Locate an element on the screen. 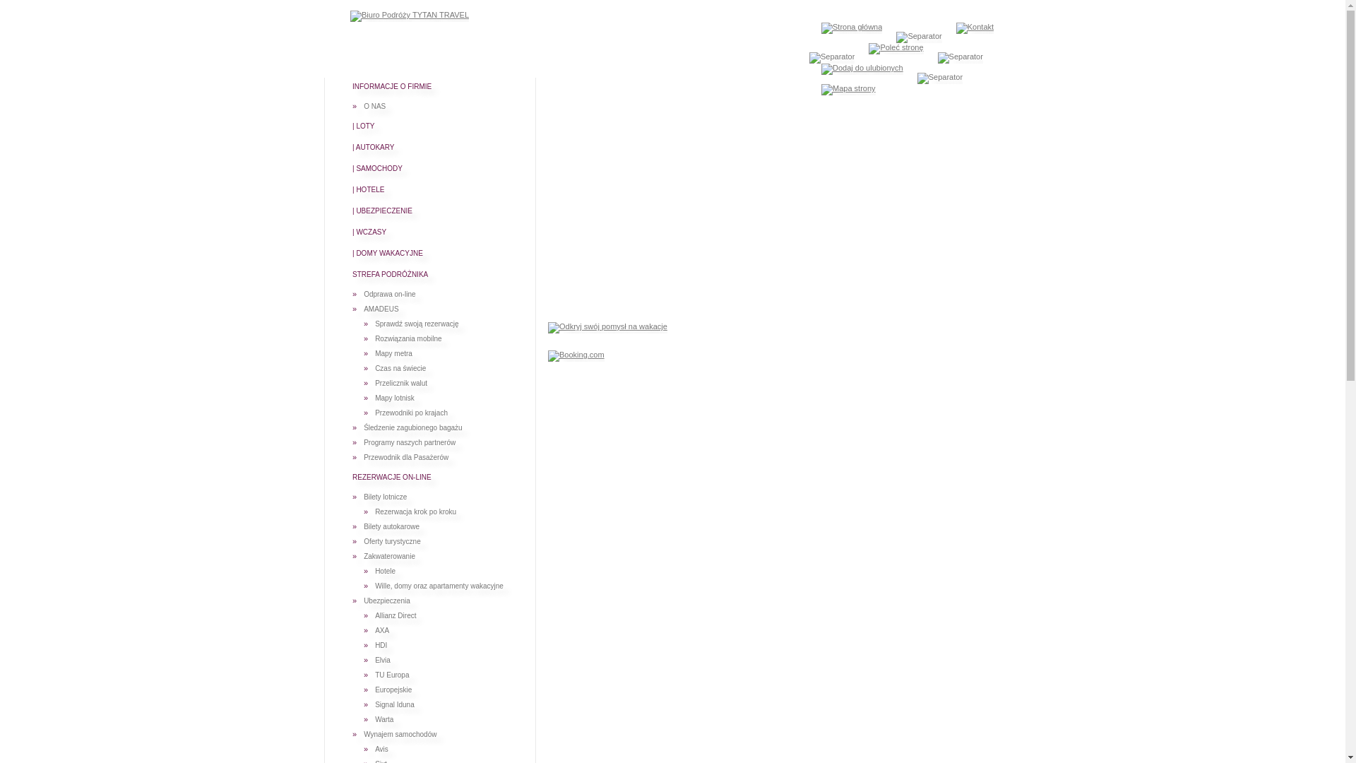 The image size is (1356, 763). 'Elvia' is located at coordinates (383, 660).